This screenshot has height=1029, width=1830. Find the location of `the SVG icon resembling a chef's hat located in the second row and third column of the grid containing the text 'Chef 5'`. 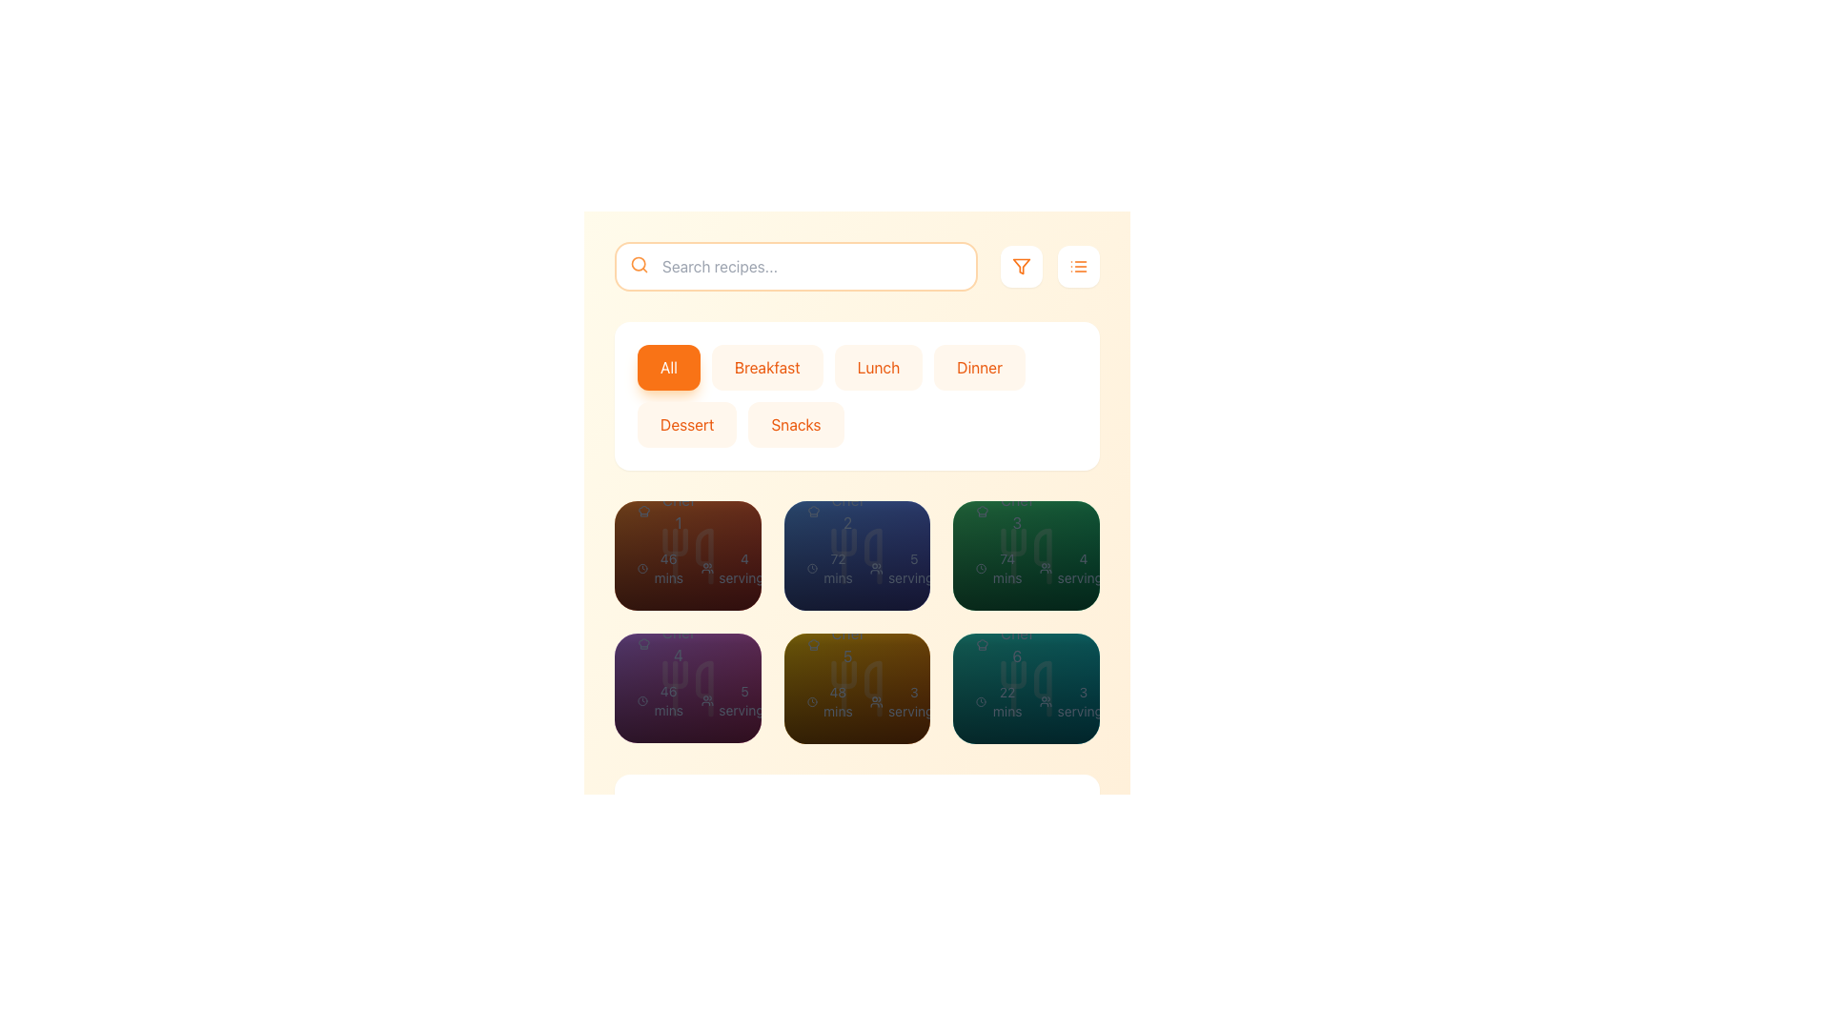

the SVG icon resembling a chef's hat located in the second row and third column of the grid containing the text 'Chef 5' is located at coordinates (813, 643).